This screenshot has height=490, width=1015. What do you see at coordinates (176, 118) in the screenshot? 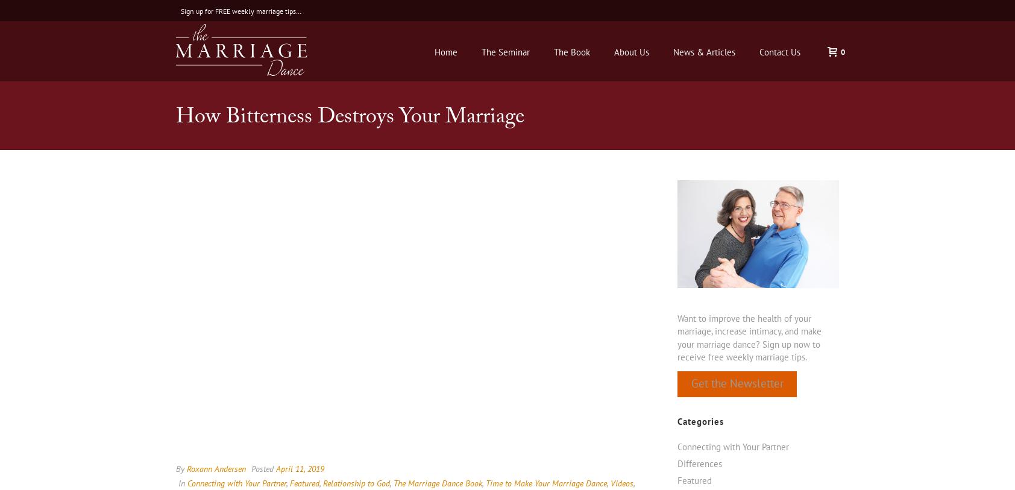
I see `'How Bitterness Destroys Your Marriage'` at bounding box center [176, 118].